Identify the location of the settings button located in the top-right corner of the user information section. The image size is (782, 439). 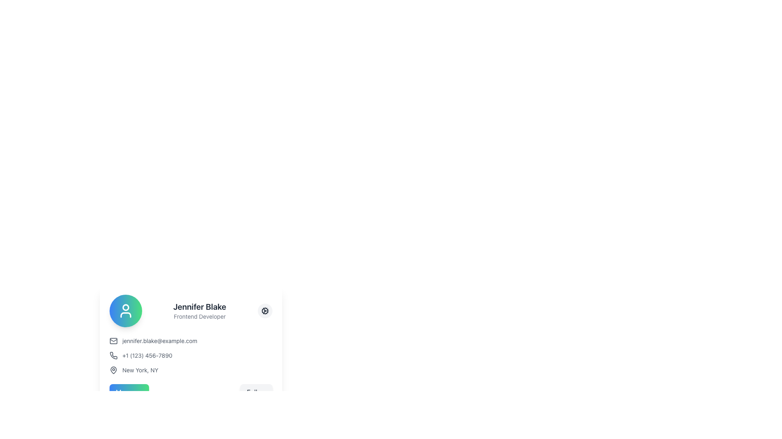
(265, 311).